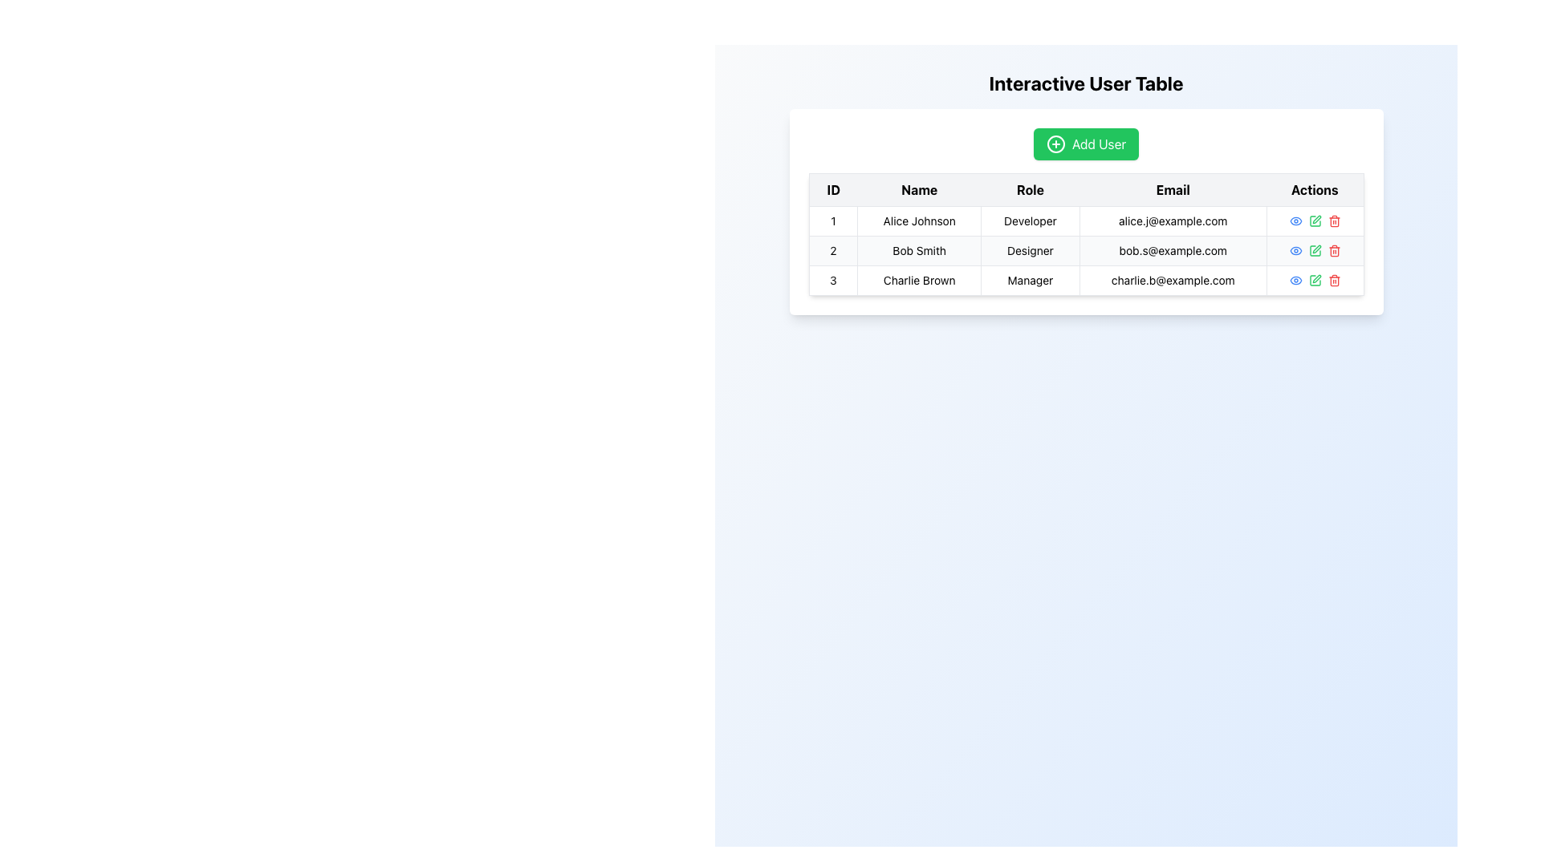 The height and width of the screenshot is (866, 1541). I want to click on the circular icon with a plus sign located next to the 'Add User' text, so click(1055, 144).